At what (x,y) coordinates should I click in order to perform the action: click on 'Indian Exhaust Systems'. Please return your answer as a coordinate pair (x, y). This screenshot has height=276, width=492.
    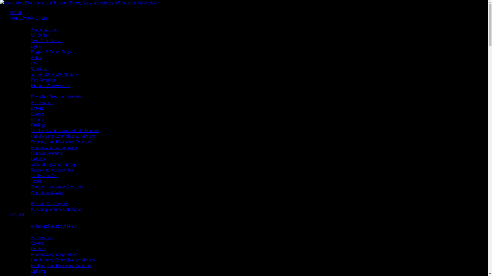
    Looking at the image, I should click on (54, 226).